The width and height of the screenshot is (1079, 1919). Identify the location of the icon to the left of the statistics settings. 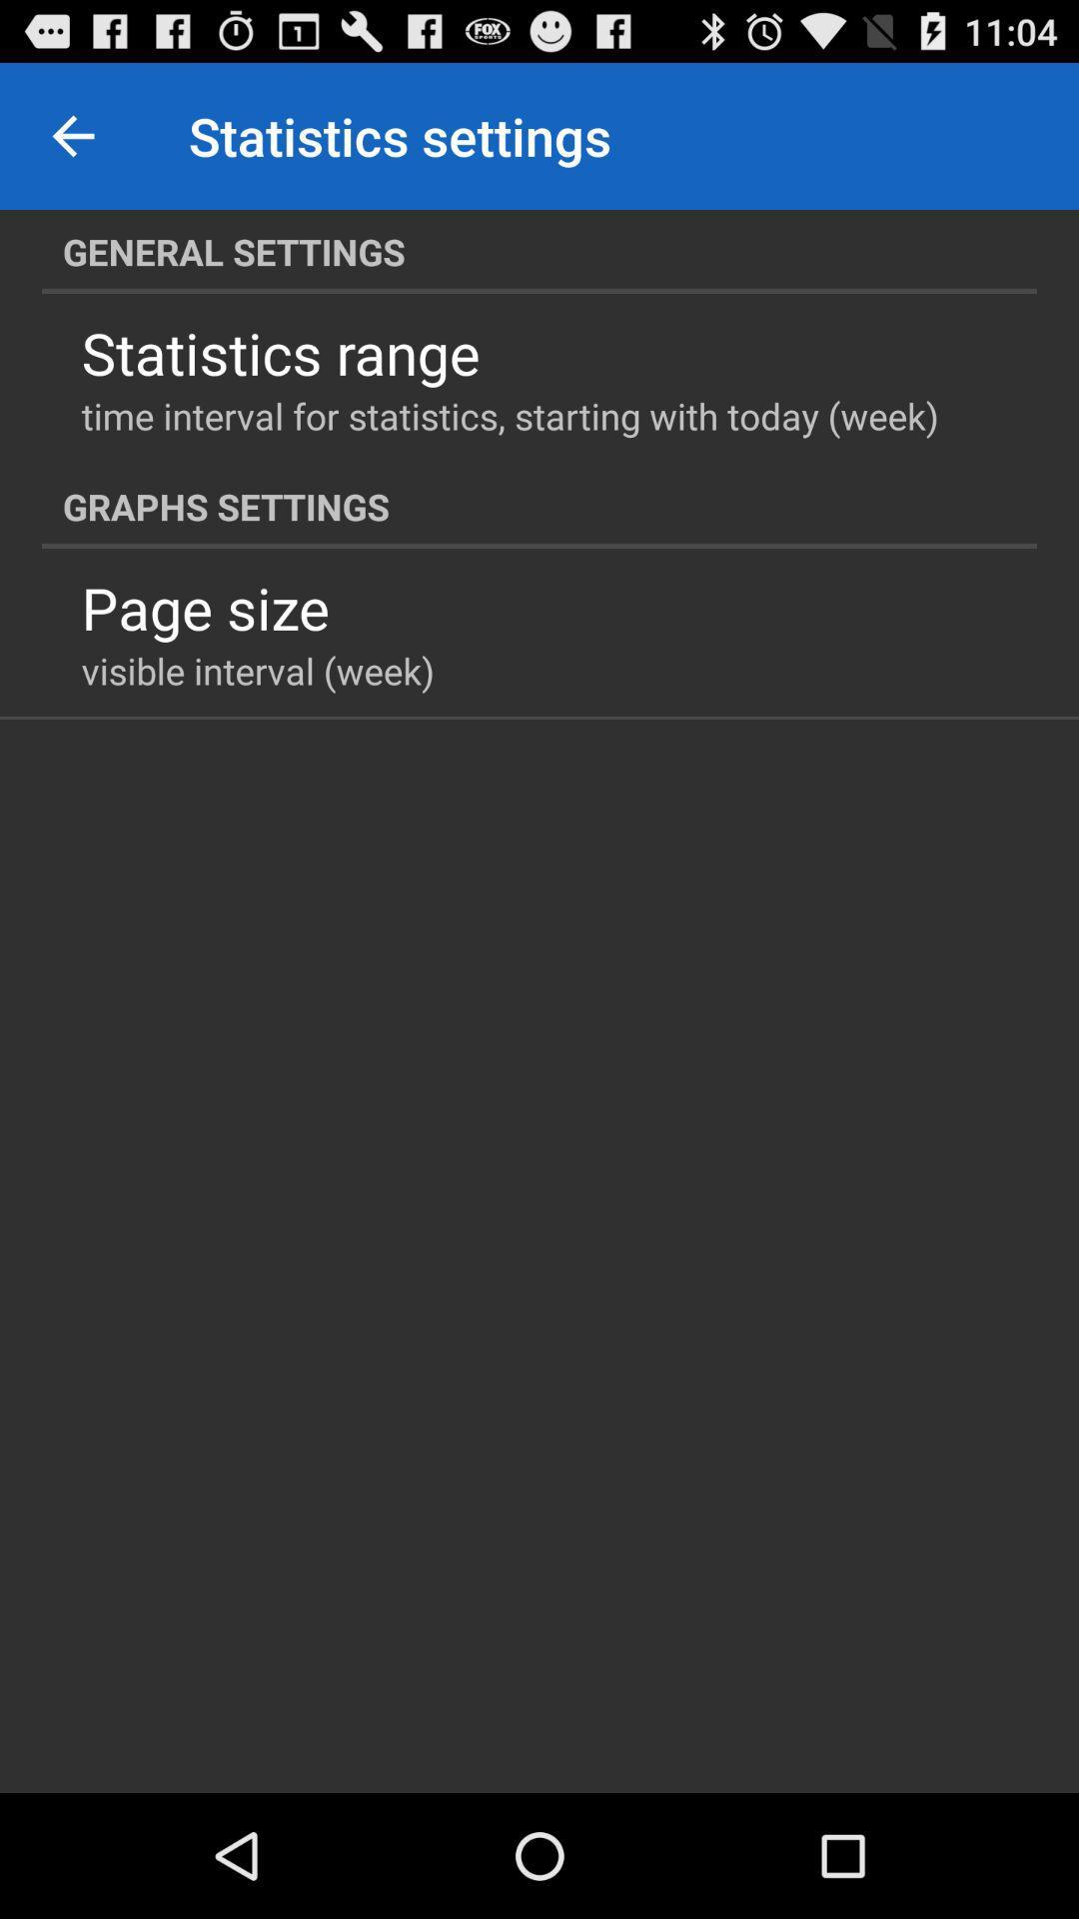
(72, 135).